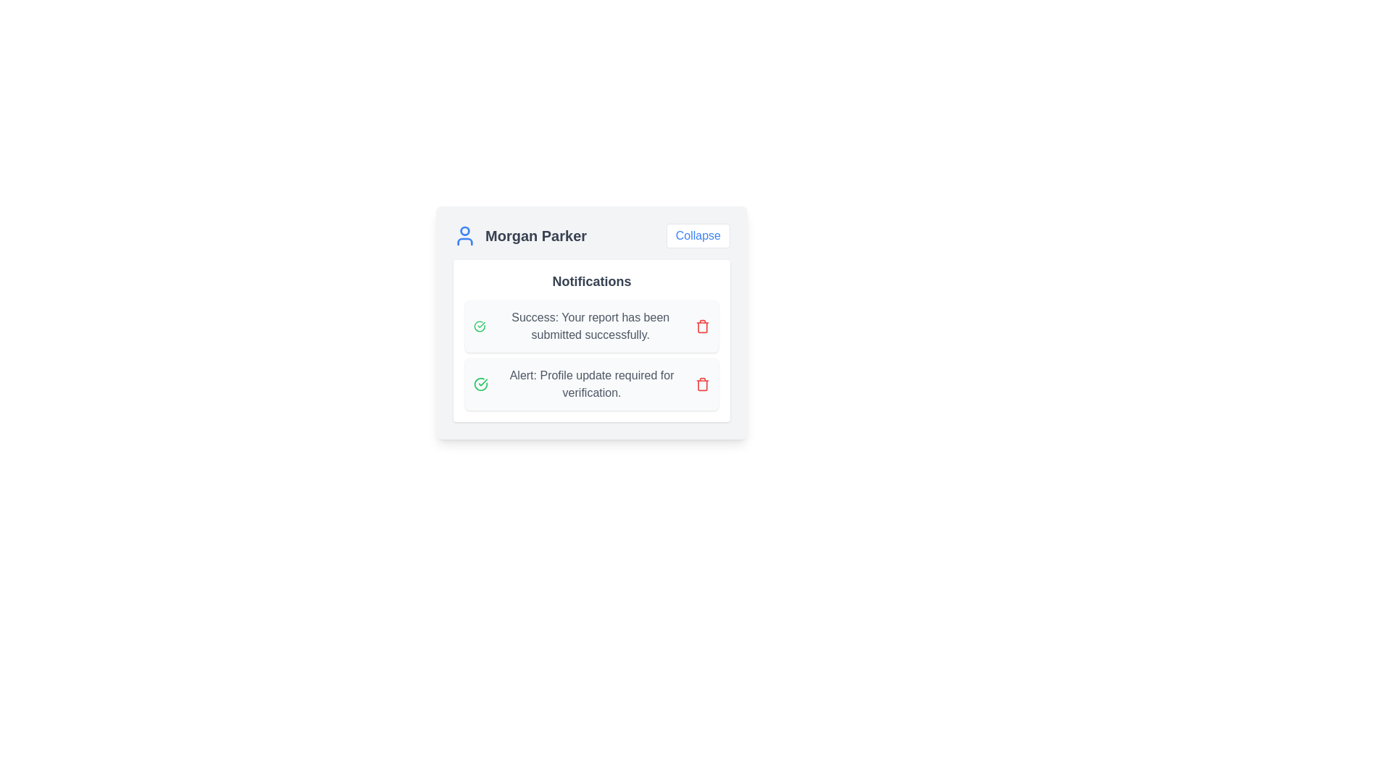  Describe the element at coordinates (591, 340) in the screenshot. I see `notification messages displayed in the central notification card located directly below the user's name header and above the collapse button` at that location.